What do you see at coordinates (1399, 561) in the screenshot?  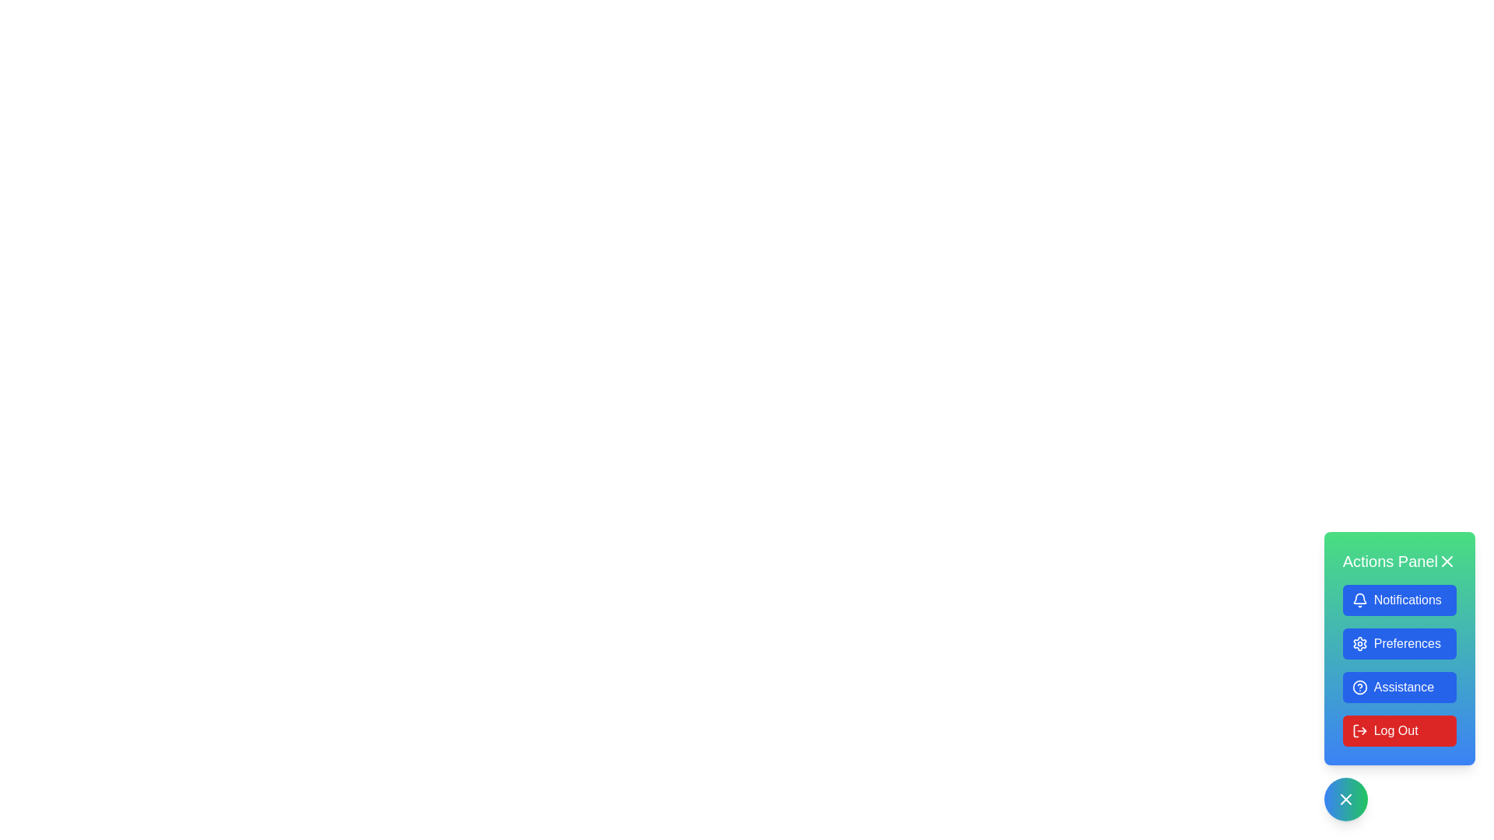 I see `the close button (represented by an 'X' icon) on the 'Actions Panel' header` at bounding box center [1399, 561].